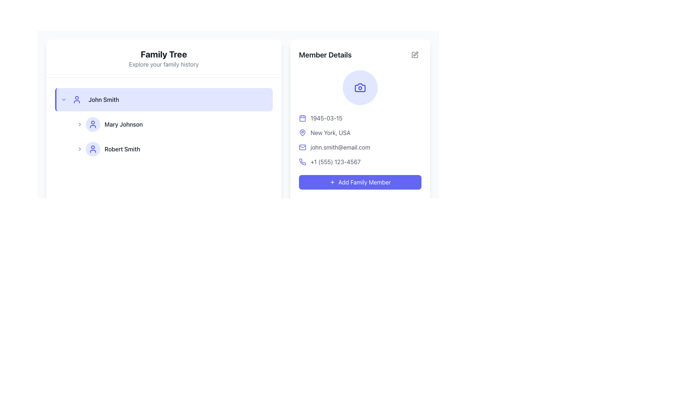  What do you see at coordinates (303, 161) in the screenshot?
I see `the indigo-colored phone icon located in the 'Member Details' section, to the left of the phone number '+1 (555) 123-4567'` at bounding box center [303, 161].